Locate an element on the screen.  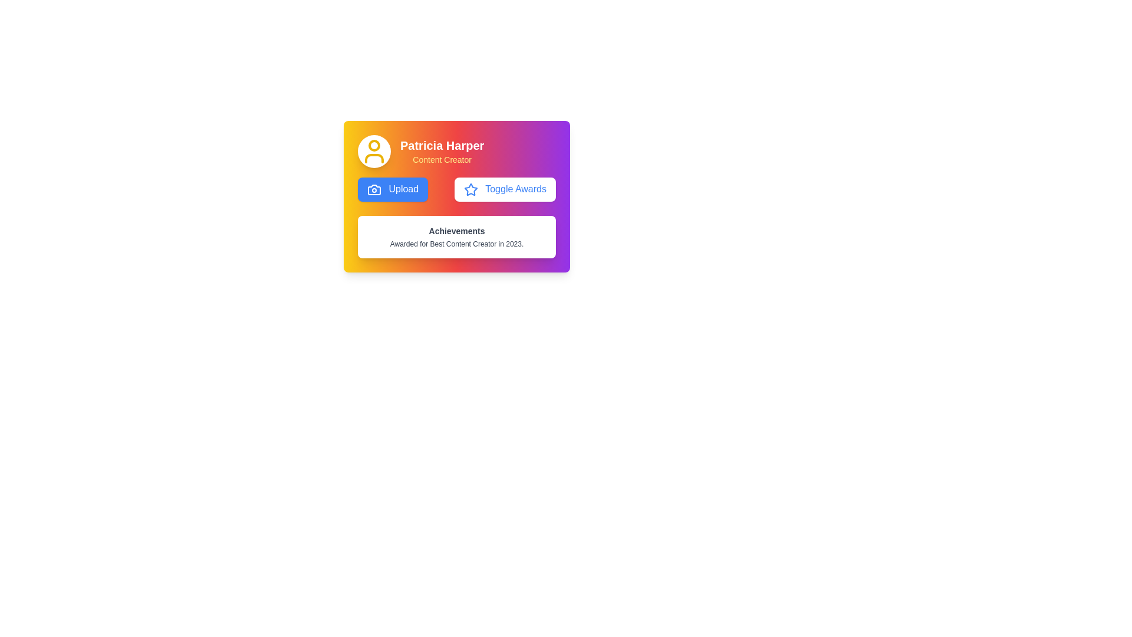
the small circular component that represents a facial feature on the user profile icon within the colorful user details card is located at coordinates (373, 145).